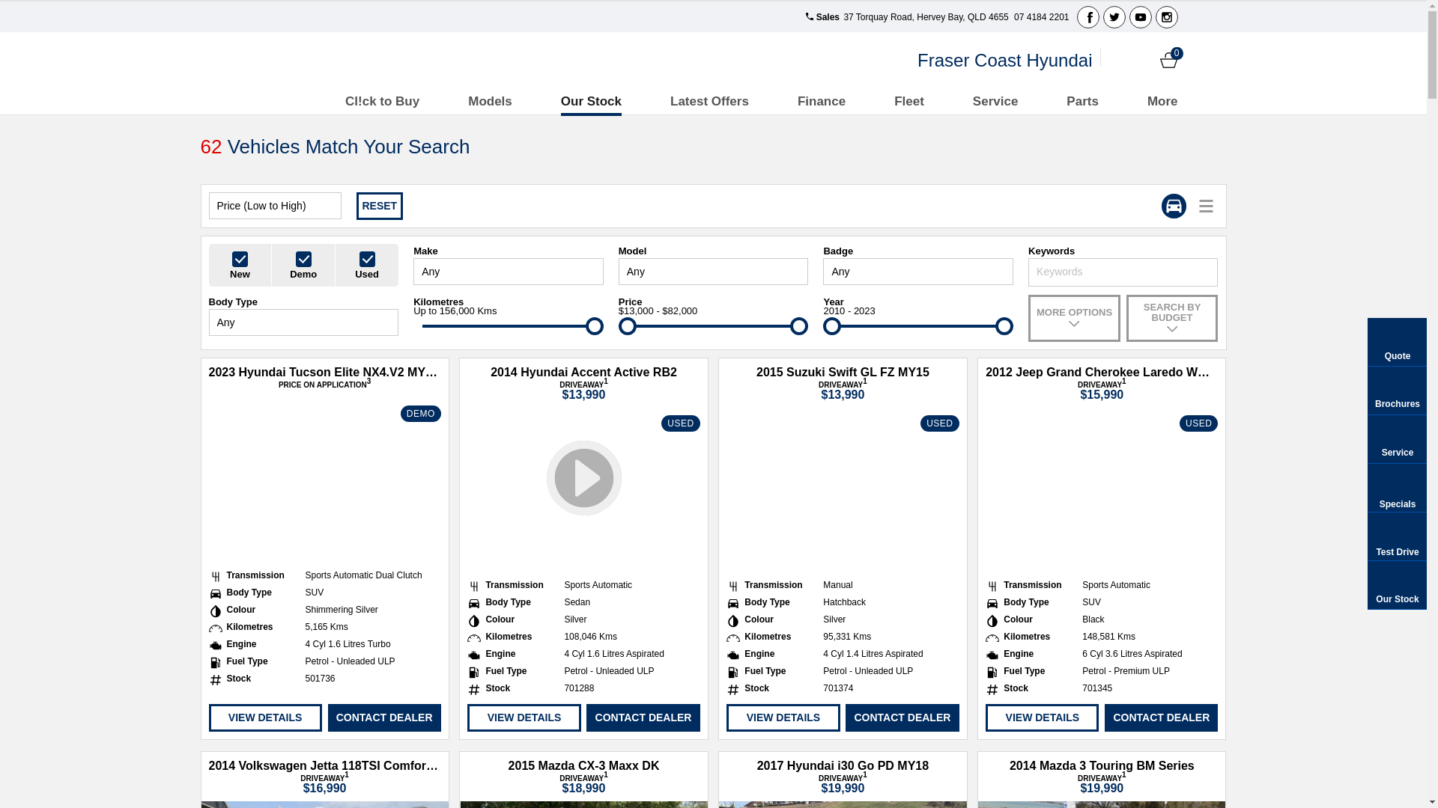 The image size is (1438, 808). Describe the element at coordinates (1043, 388) in the screenshot. I see `'DRIVEAWAY1` at that location.